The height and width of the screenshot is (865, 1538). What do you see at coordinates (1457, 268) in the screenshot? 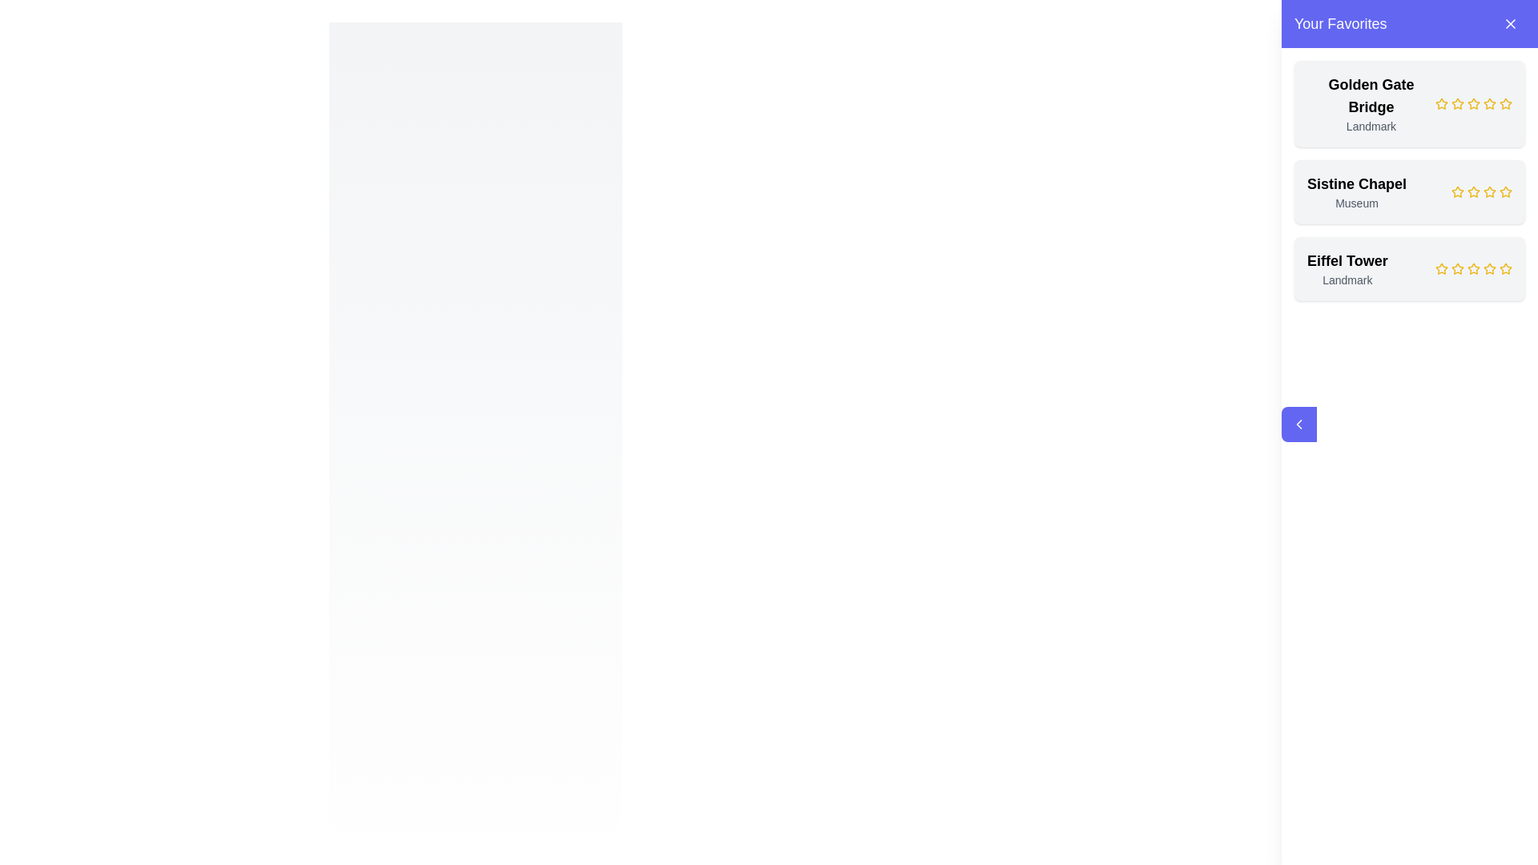
I see `the first star in the rating widget` at bounding box center [1457, 268].